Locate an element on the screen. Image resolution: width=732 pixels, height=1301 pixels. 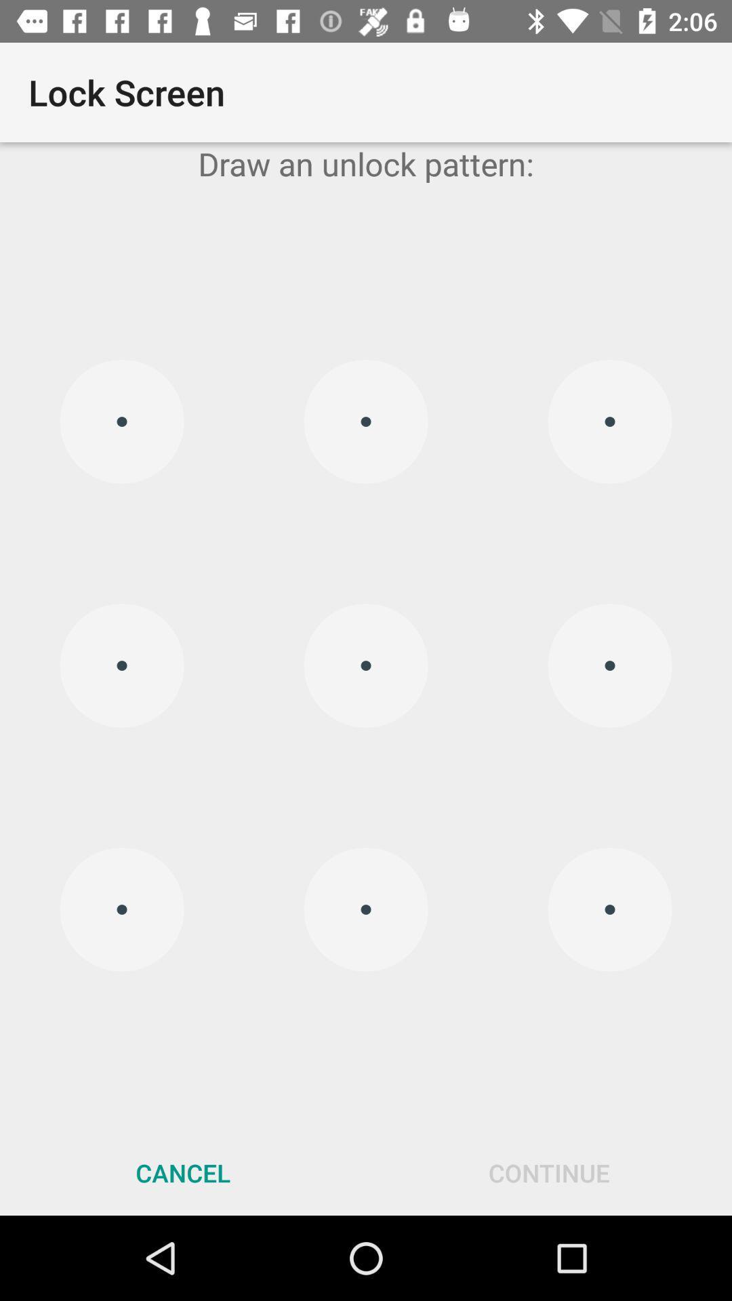
continue item is located at coordinates (549, 1172).